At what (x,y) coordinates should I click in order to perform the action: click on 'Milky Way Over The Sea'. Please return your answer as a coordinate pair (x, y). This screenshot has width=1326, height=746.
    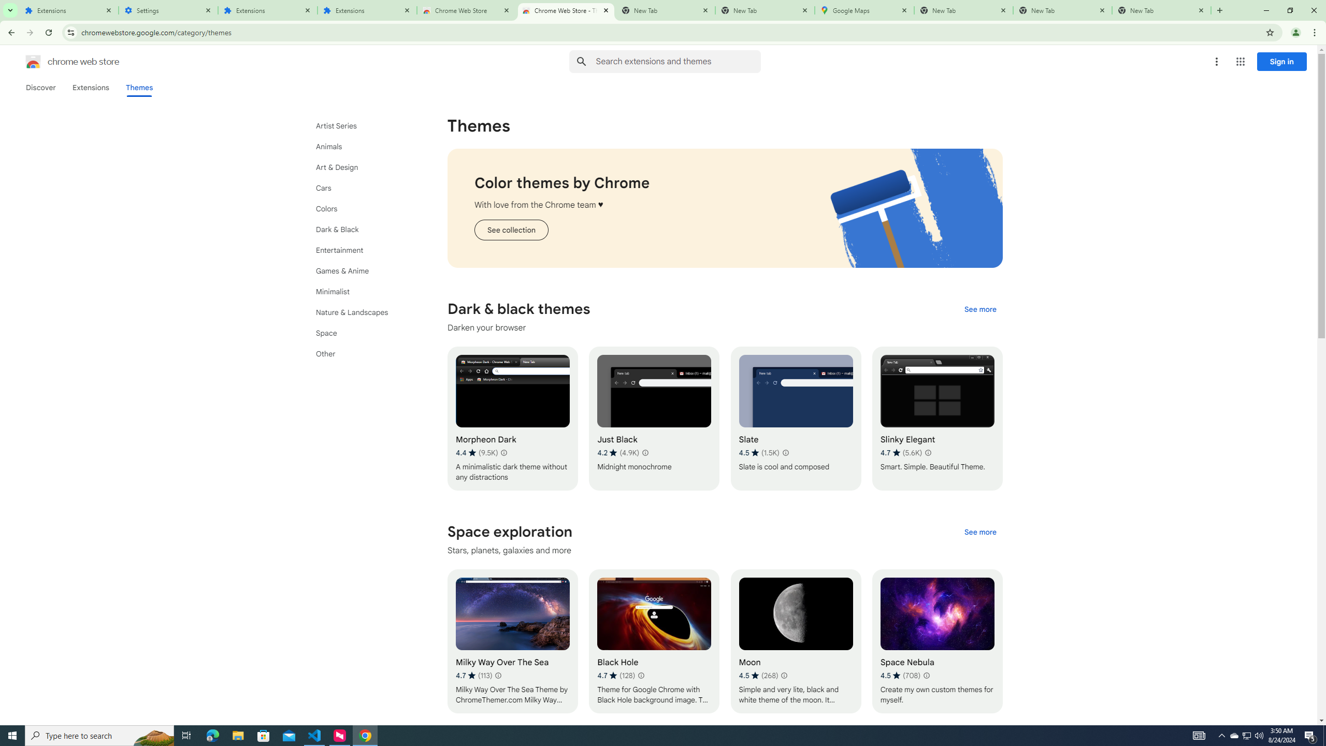
    Looking at the image, I should click on (512, 641).